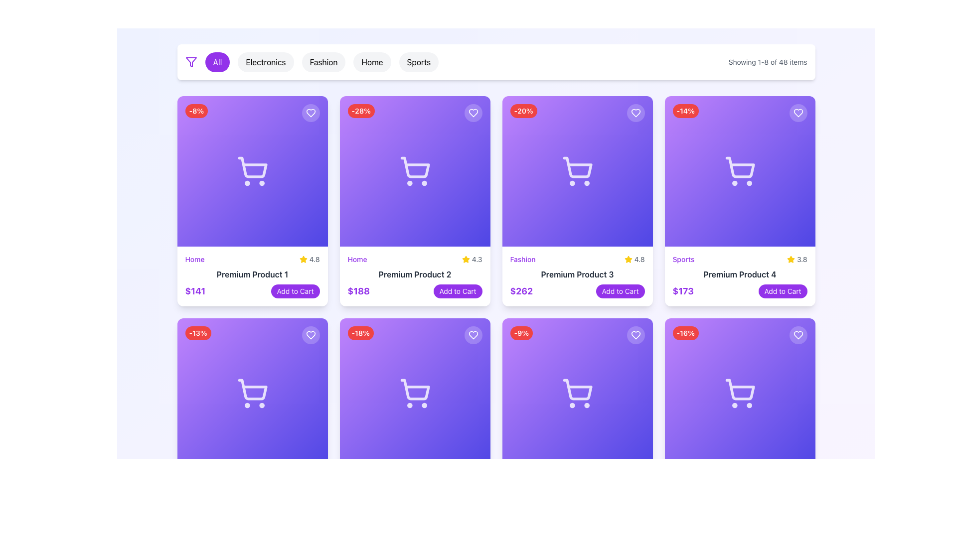  I want to click on the 'Fashion' button in the navigation bar, so click(311, 62).